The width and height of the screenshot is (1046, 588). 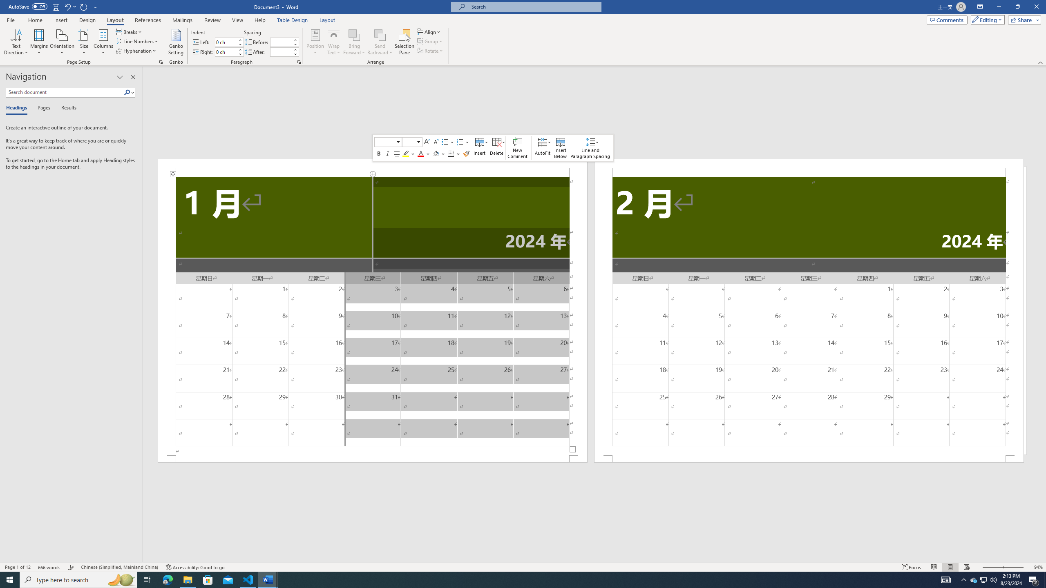 What do you see at coordinates (281, 51) in the screenshot?
I see `'Spacing After'` at bounding box center [281, 51].